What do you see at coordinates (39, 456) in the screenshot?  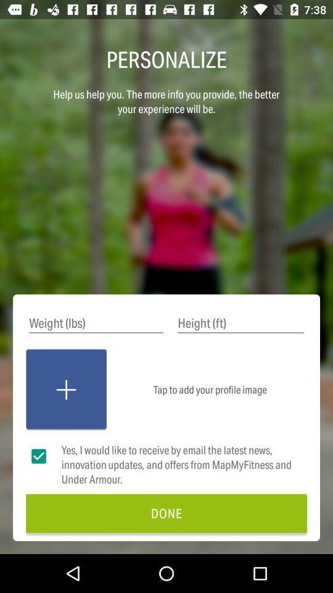 I see `the check box` at bounding box center [39, 456].